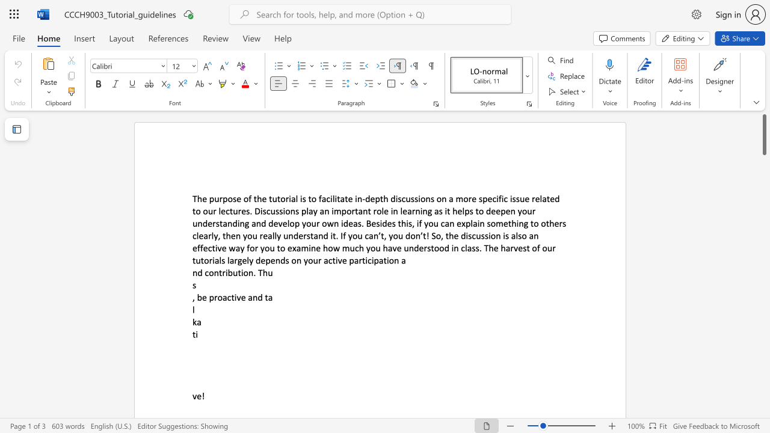  I want to click on the scrollbar to move the view down, so click(763, 306).